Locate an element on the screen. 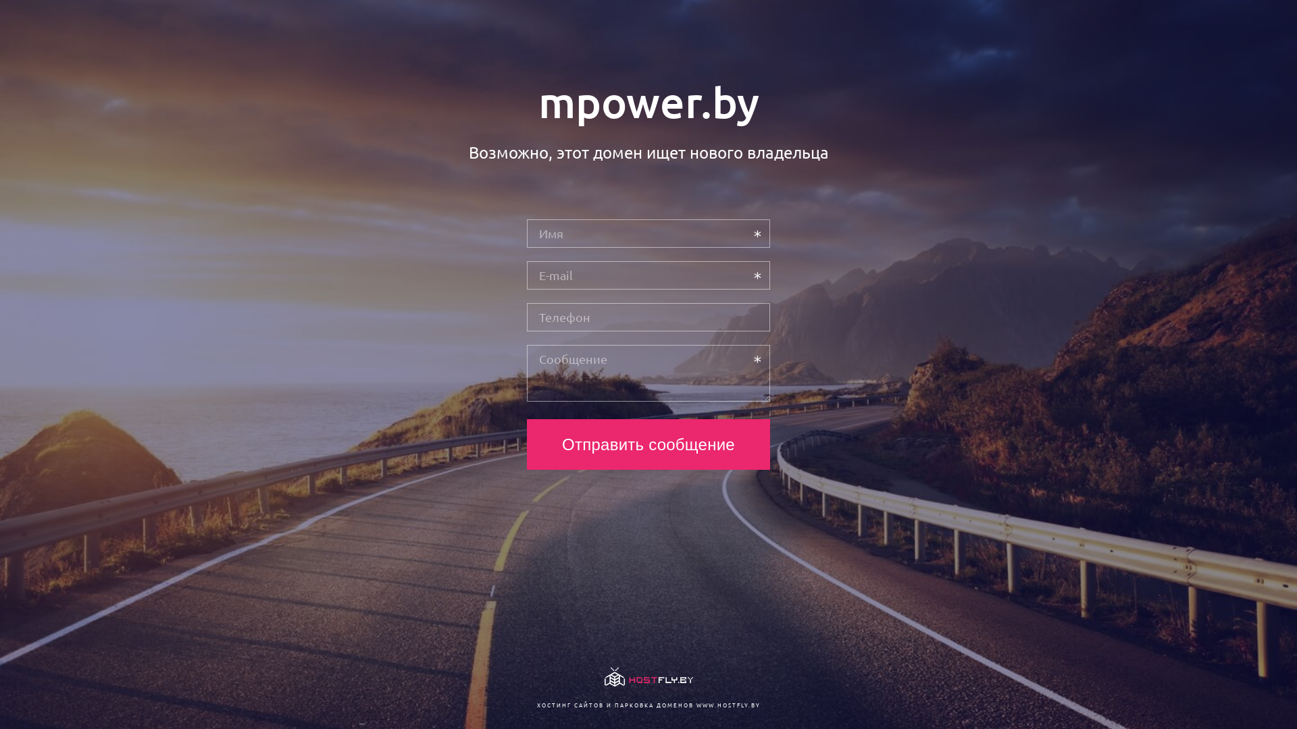  'WWW.HOSTFLY.BY' is located at coordinates (727, 704).